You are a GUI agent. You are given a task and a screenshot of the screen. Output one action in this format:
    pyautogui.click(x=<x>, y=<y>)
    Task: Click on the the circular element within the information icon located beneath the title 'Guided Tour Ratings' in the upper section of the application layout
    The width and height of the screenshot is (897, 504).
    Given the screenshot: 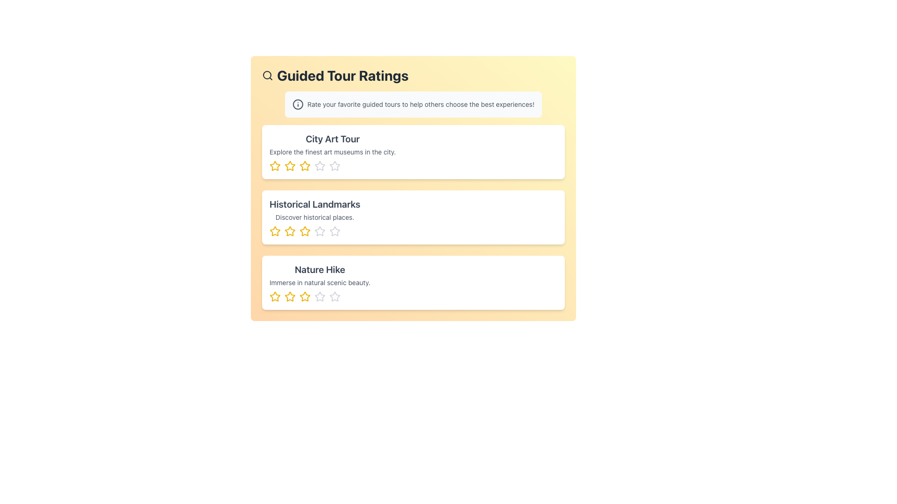 What is the action you would take?
    pyautogui.click(x=298, y=104)
    